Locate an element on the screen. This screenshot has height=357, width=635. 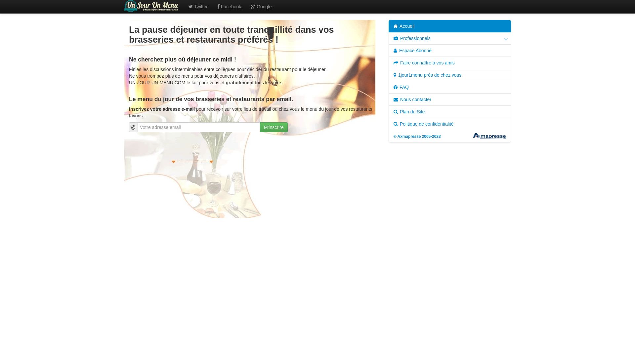
'FAQ' is located at coordinates (449, 87).